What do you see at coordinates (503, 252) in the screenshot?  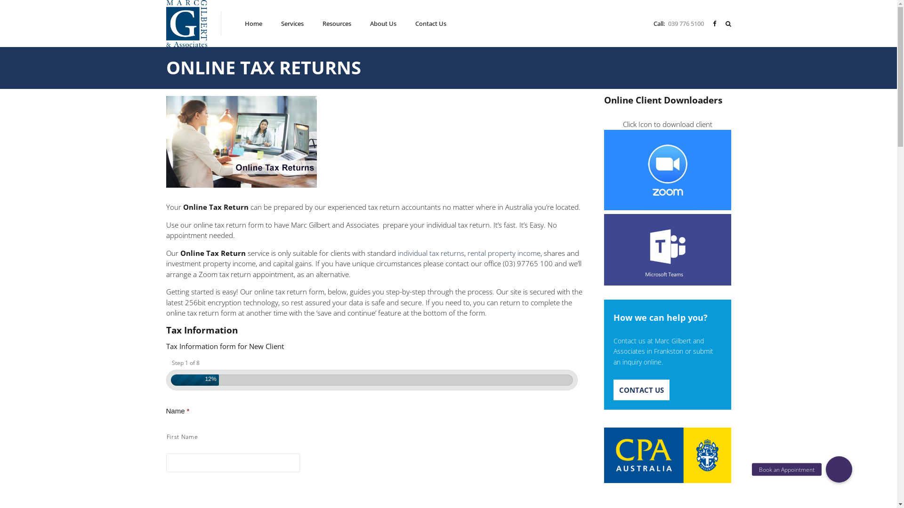 I see `'rental property income'` at bounding box center [503, 252].